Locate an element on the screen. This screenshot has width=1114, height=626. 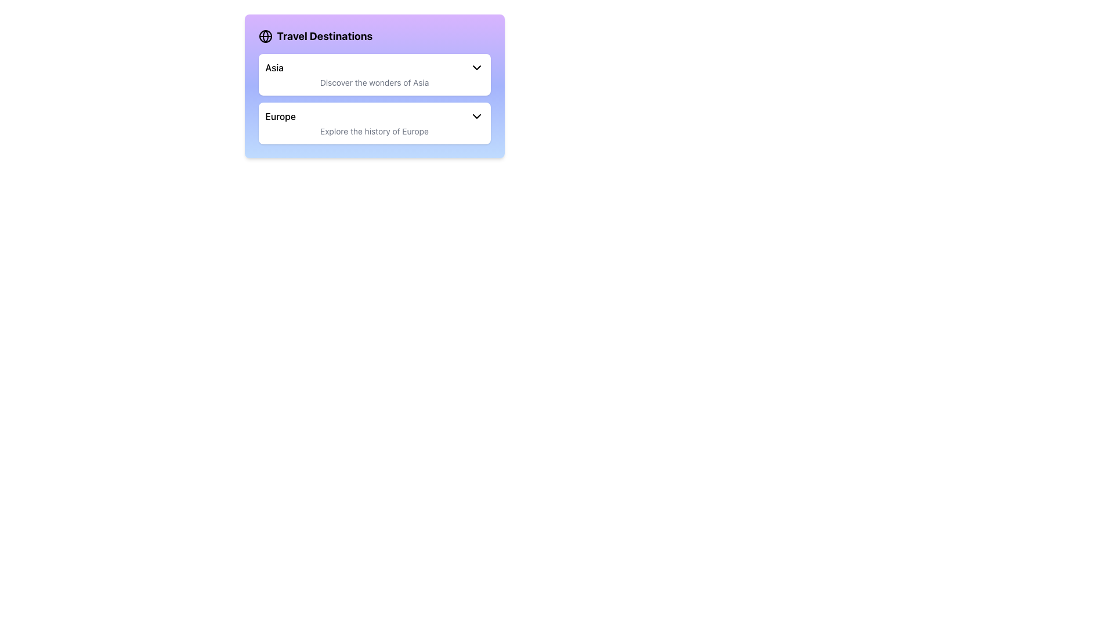
the chevron icon located to the right of the 'Europe' label is located at coordinates (476, 116).